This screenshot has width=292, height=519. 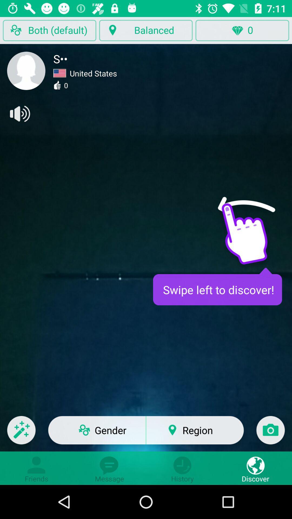 What do you see at coordinates (21, 434) in the screenshot?
I see `the icon on left to the gender button on the web page` at bounding box center [21, 434].